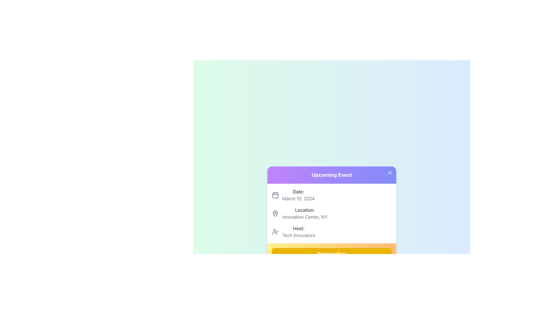  Describe the element at coordinates (390, 172) in the screenshot. I see `the circular close button with an 'X' icon located in the top-right corner of the 'Upcoming Event' card` at that location.